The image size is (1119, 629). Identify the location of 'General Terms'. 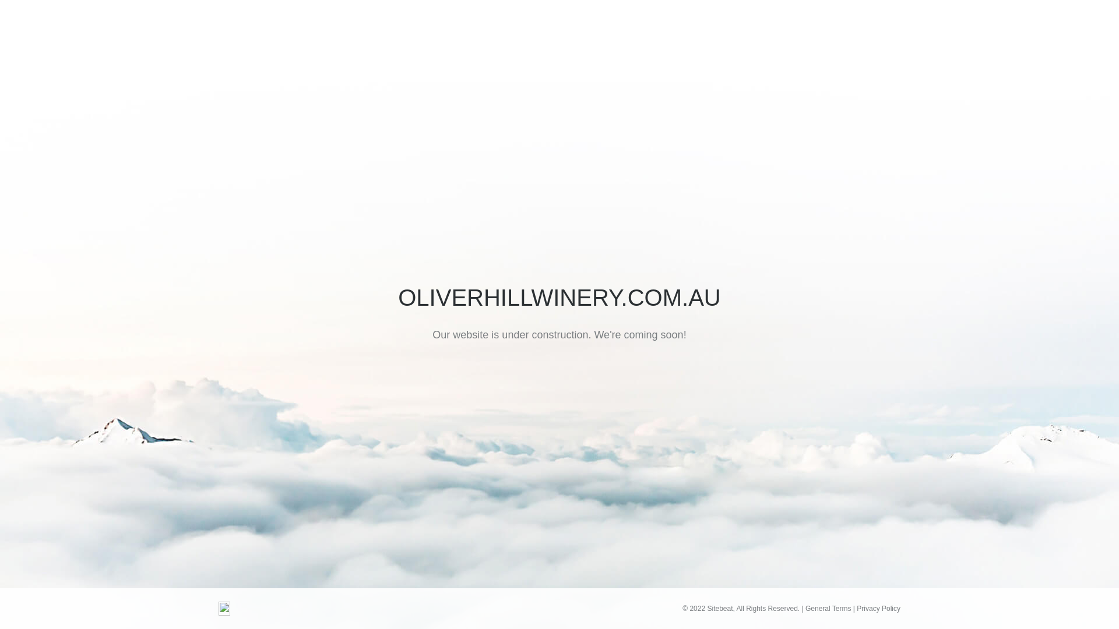
(827, 608).